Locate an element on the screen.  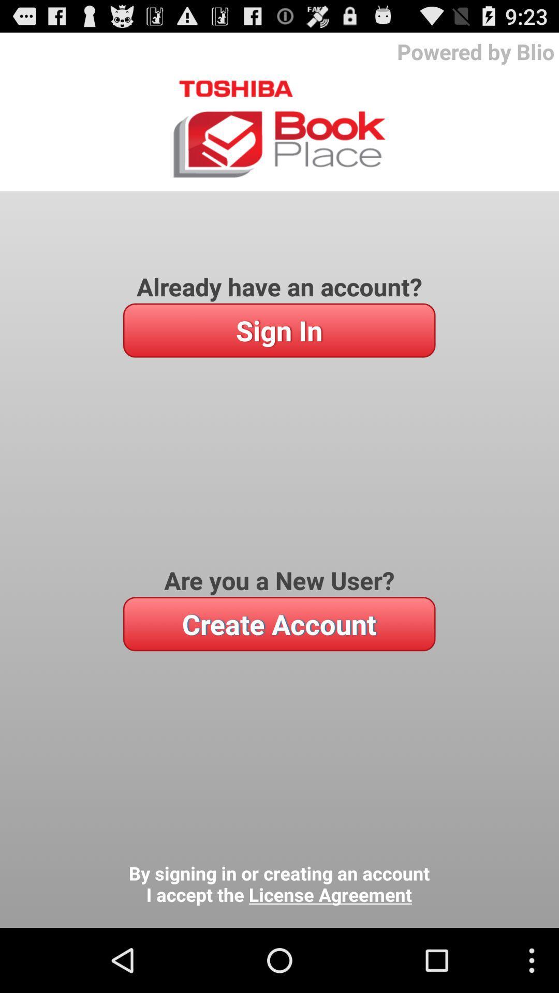
the by signing in is located at coordinates (278, 883).